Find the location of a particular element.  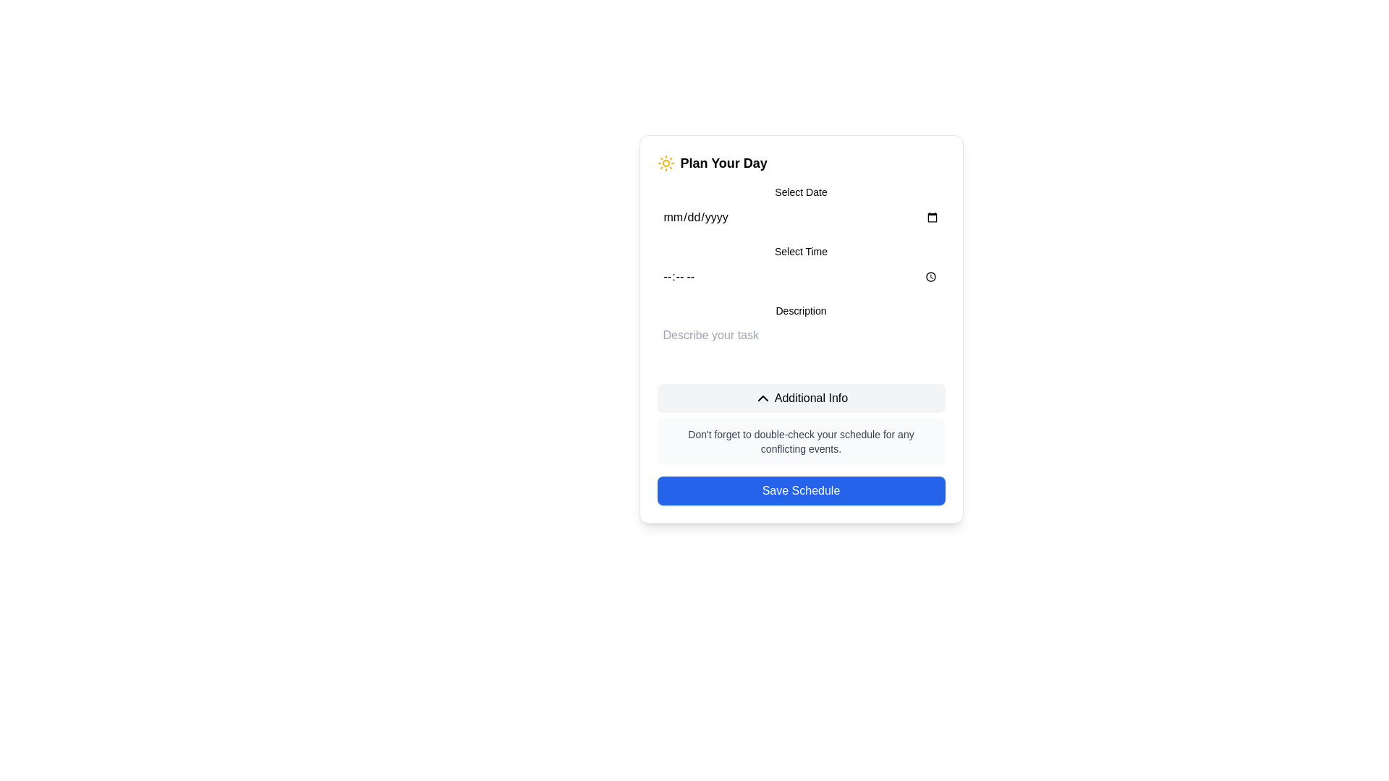

the non-interactive informational message about checking the schedule, which is positioned below the 'Additional Info' button and above the 'Save Schedule' button, centrally aligned with the form is located at coordinates (800, 440).